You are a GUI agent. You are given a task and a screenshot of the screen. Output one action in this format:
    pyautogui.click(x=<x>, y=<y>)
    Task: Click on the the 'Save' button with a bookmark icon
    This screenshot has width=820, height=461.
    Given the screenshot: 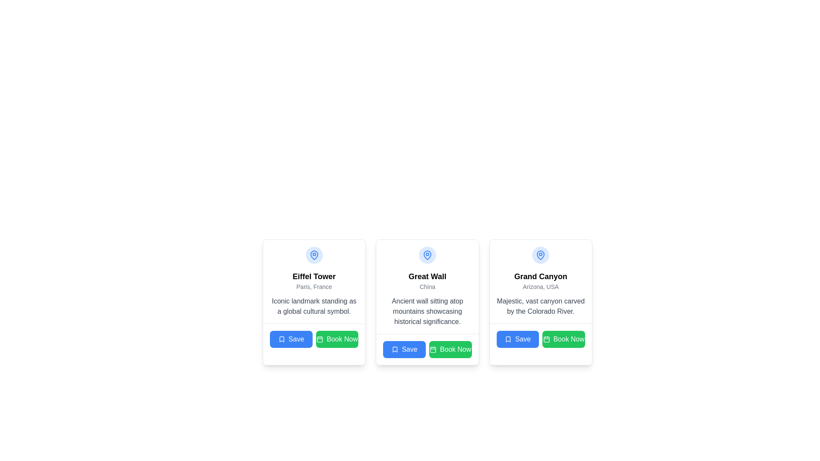 What is the action you would take?
    pyautogui.click(x=517, y=338)
    